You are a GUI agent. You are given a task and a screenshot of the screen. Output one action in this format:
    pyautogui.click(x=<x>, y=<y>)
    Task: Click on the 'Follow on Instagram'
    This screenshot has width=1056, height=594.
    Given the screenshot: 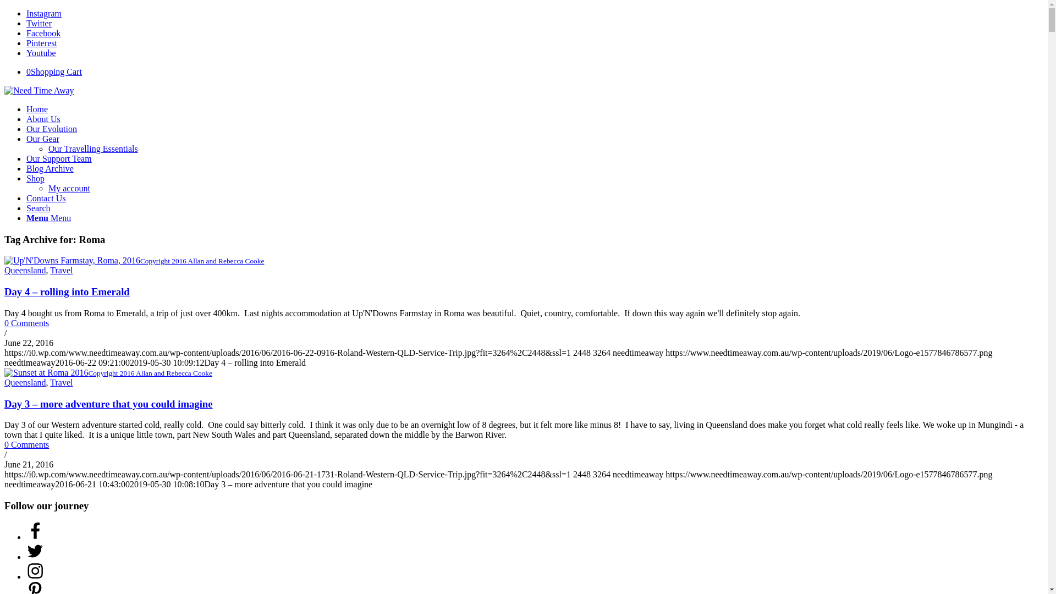 What is the action you would take?
    pyautogui.click(x=35, y=576)
    